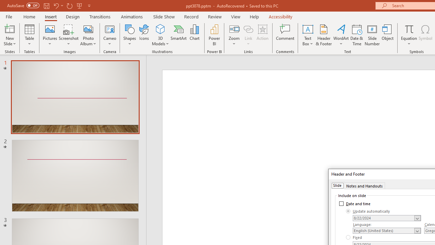 The image size is (435, 245). What do you see at coordinates (262, 35) in the screenshot?
I see `'Action'` at bounding box center [262, 35].